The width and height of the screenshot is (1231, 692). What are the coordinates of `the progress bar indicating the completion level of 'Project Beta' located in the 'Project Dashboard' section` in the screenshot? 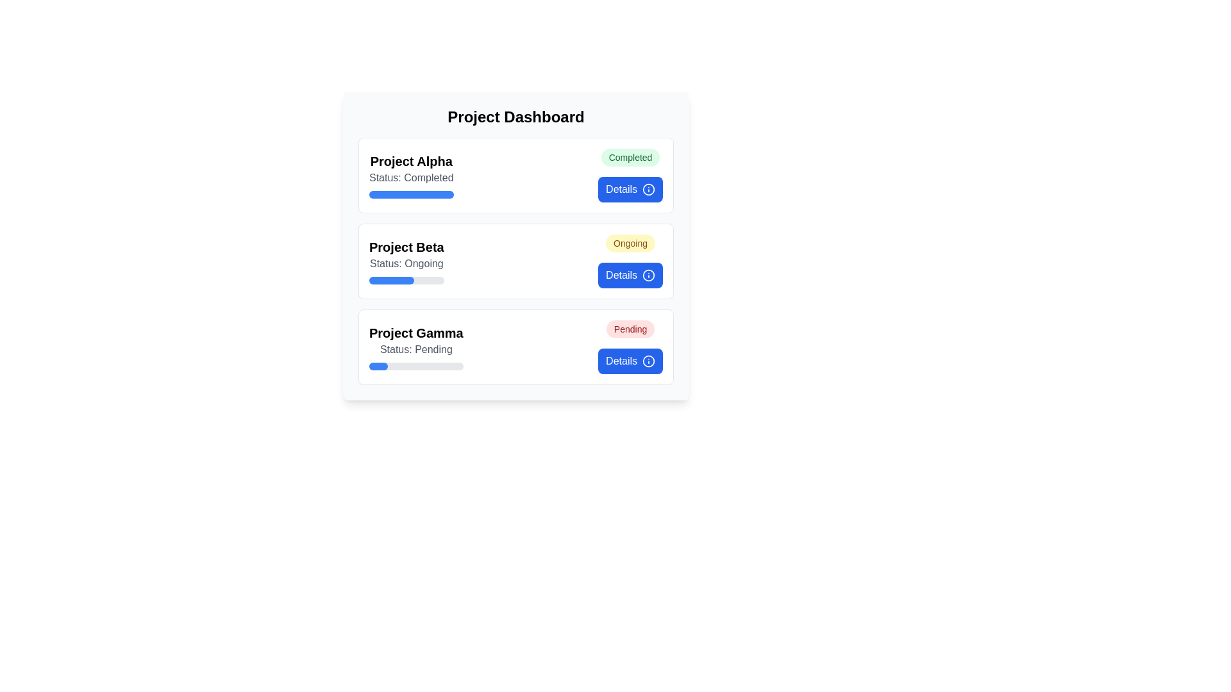 It's located at (406, 280).